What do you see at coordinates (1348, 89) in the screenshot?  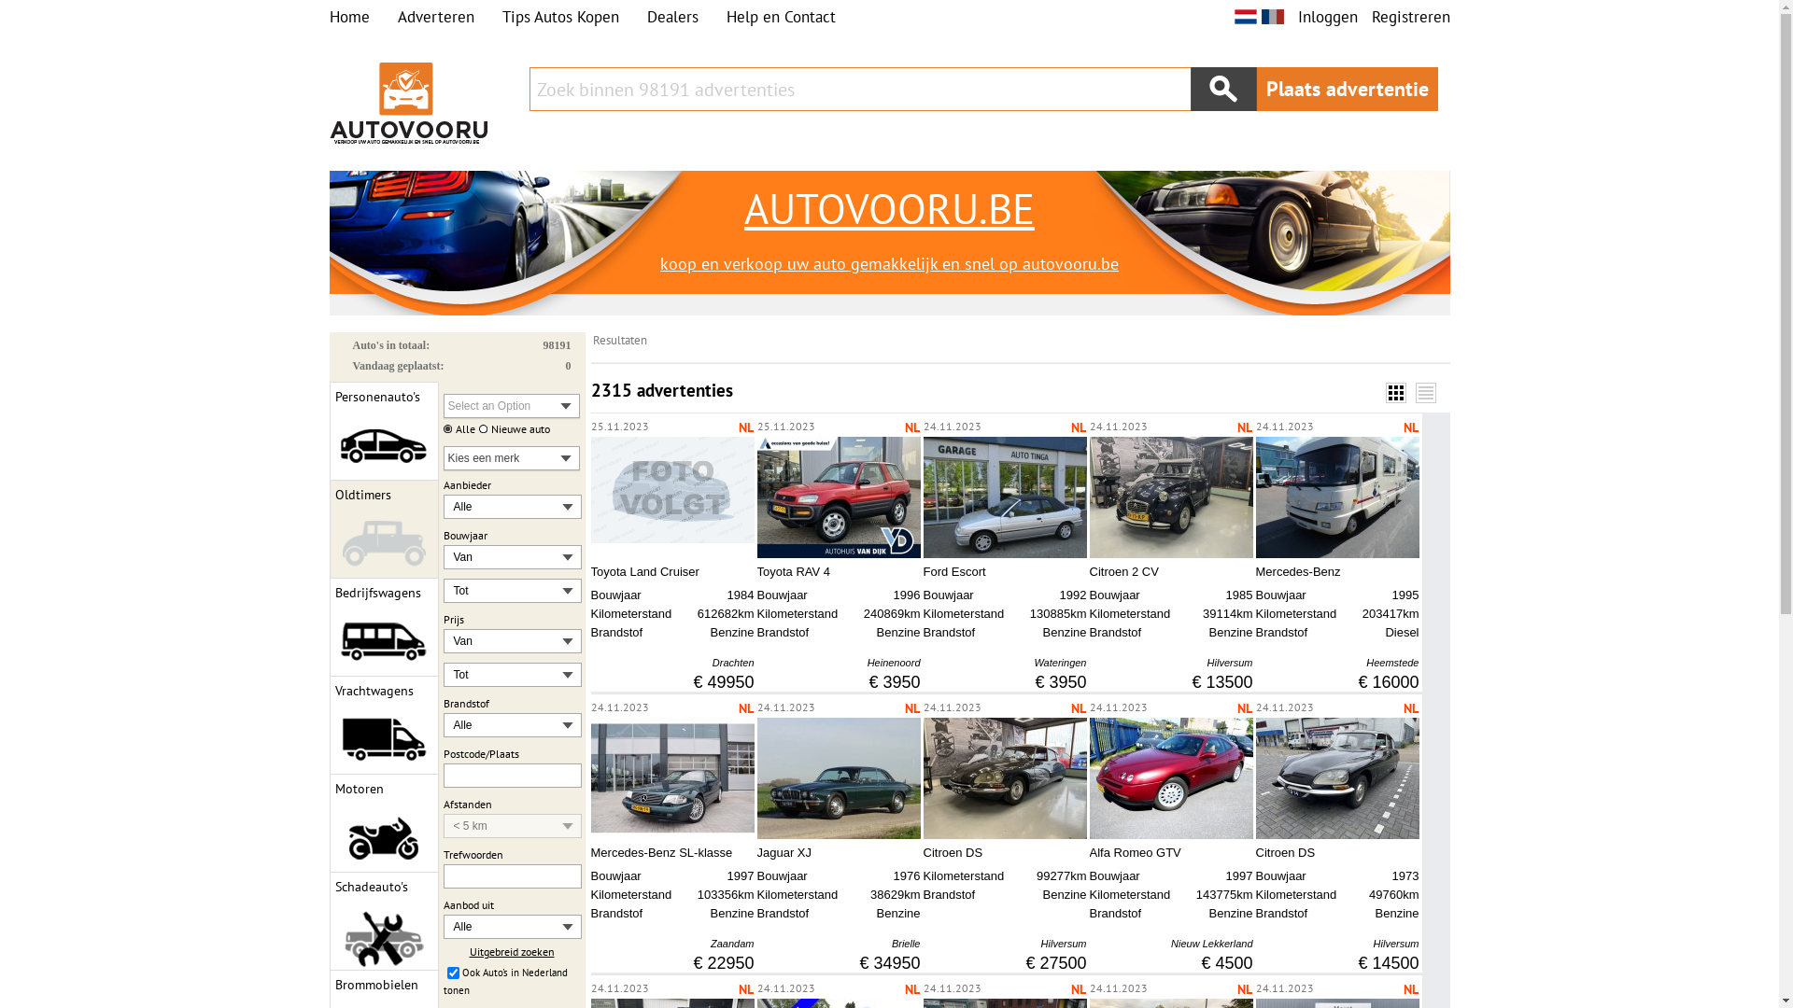 I see `'Plaats advertentie'` at bounding box center [1348, 89].